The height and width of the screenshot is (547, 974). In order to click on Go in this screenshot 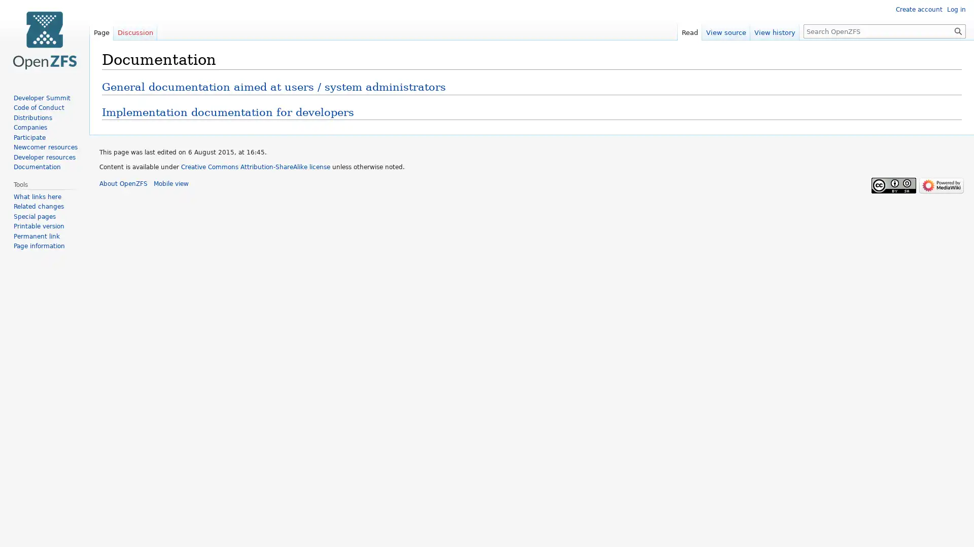, I will do `click(958, 30)`.